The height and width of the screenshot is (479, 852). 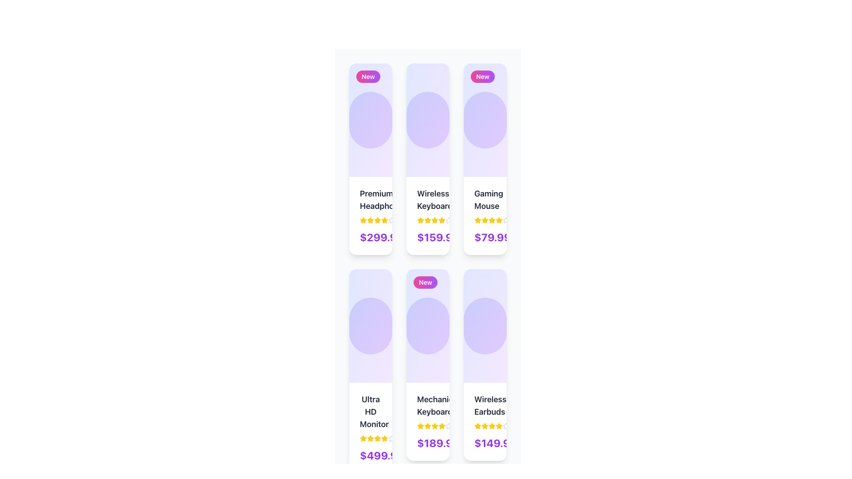 What do you see at coordinates (420, 425) in the screenshot?
I see `the second star in the rating system under the 'Mechanical Keyboard' product card to set a rating of 2 out of 5` at bounding box center [420, 425].